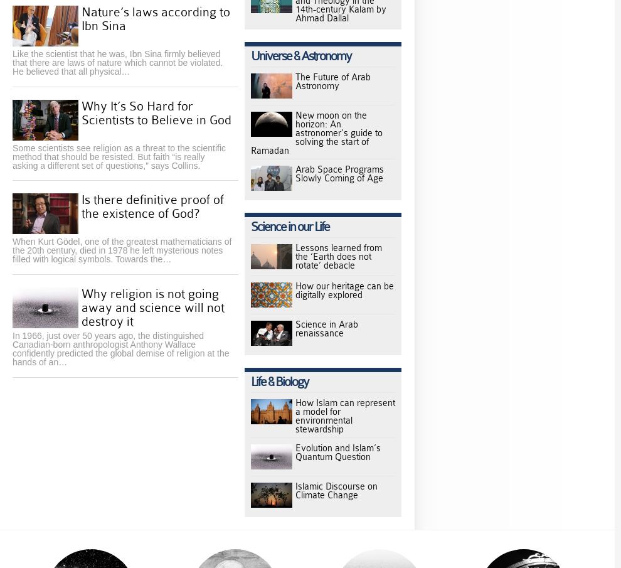 The width and height of the screenshot is (621, 568). Describe the element at coordinates (295, 291) in the screenshot. I see `'How our heritage can be digitally explored'` at that location.